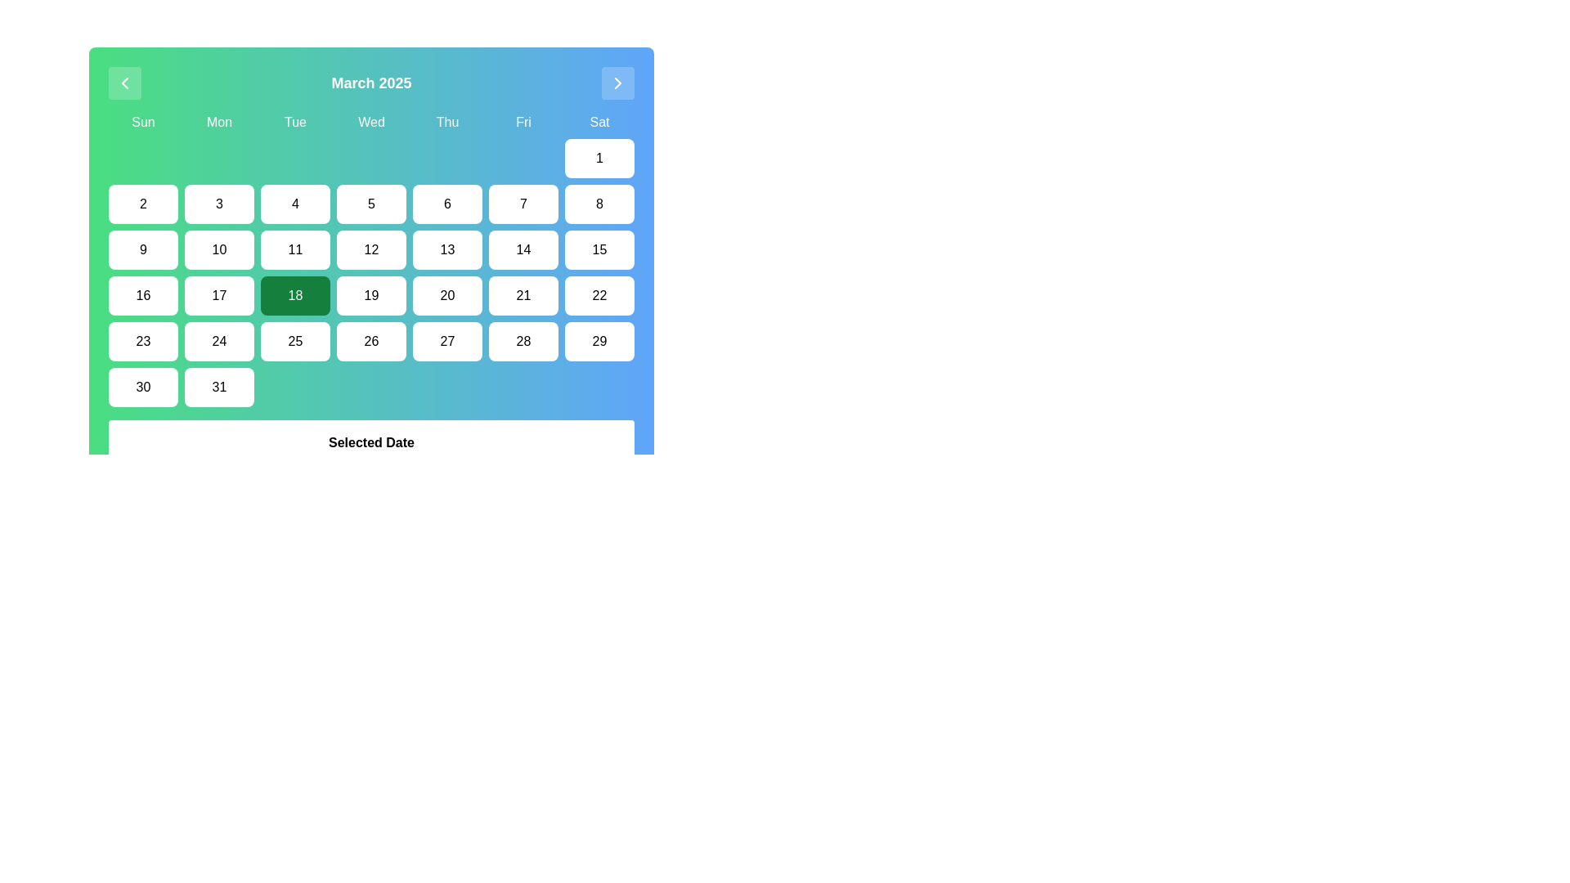  I want to click on the square-shaped button displaying the number '12' in the center of the date picker interface, so click(370, 240).